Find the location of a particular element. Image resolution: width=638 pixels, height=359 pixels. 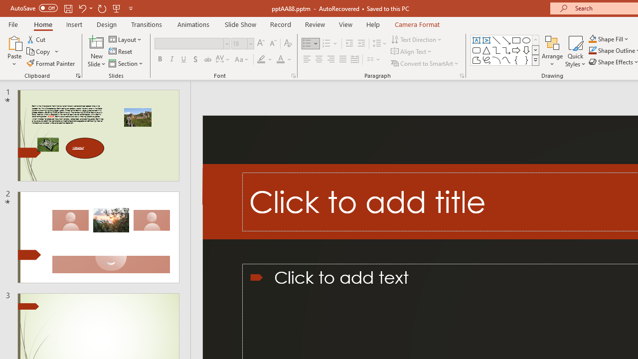

'New Slide' is located at coordinates (96, 42).